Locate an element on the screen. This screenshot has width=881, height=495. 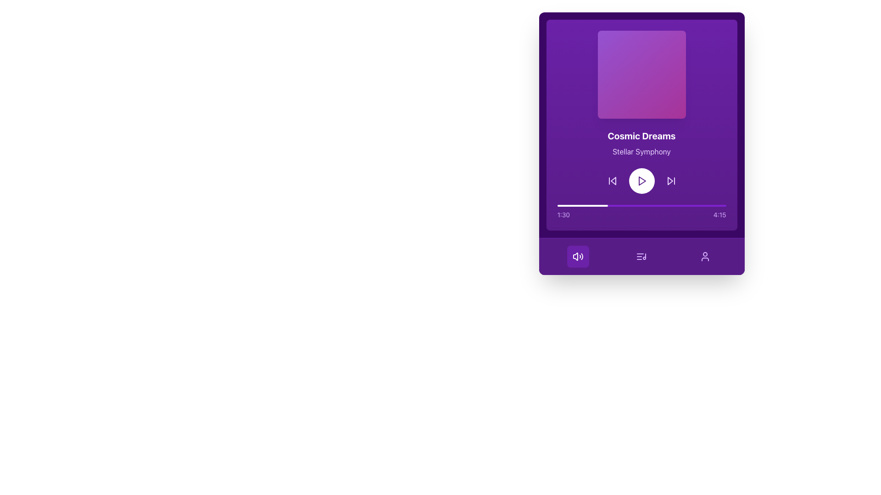
the icon resembling a simplified human figure, located in the bottom row of the interface on the rightmost end is located at coordinates (705, 256).